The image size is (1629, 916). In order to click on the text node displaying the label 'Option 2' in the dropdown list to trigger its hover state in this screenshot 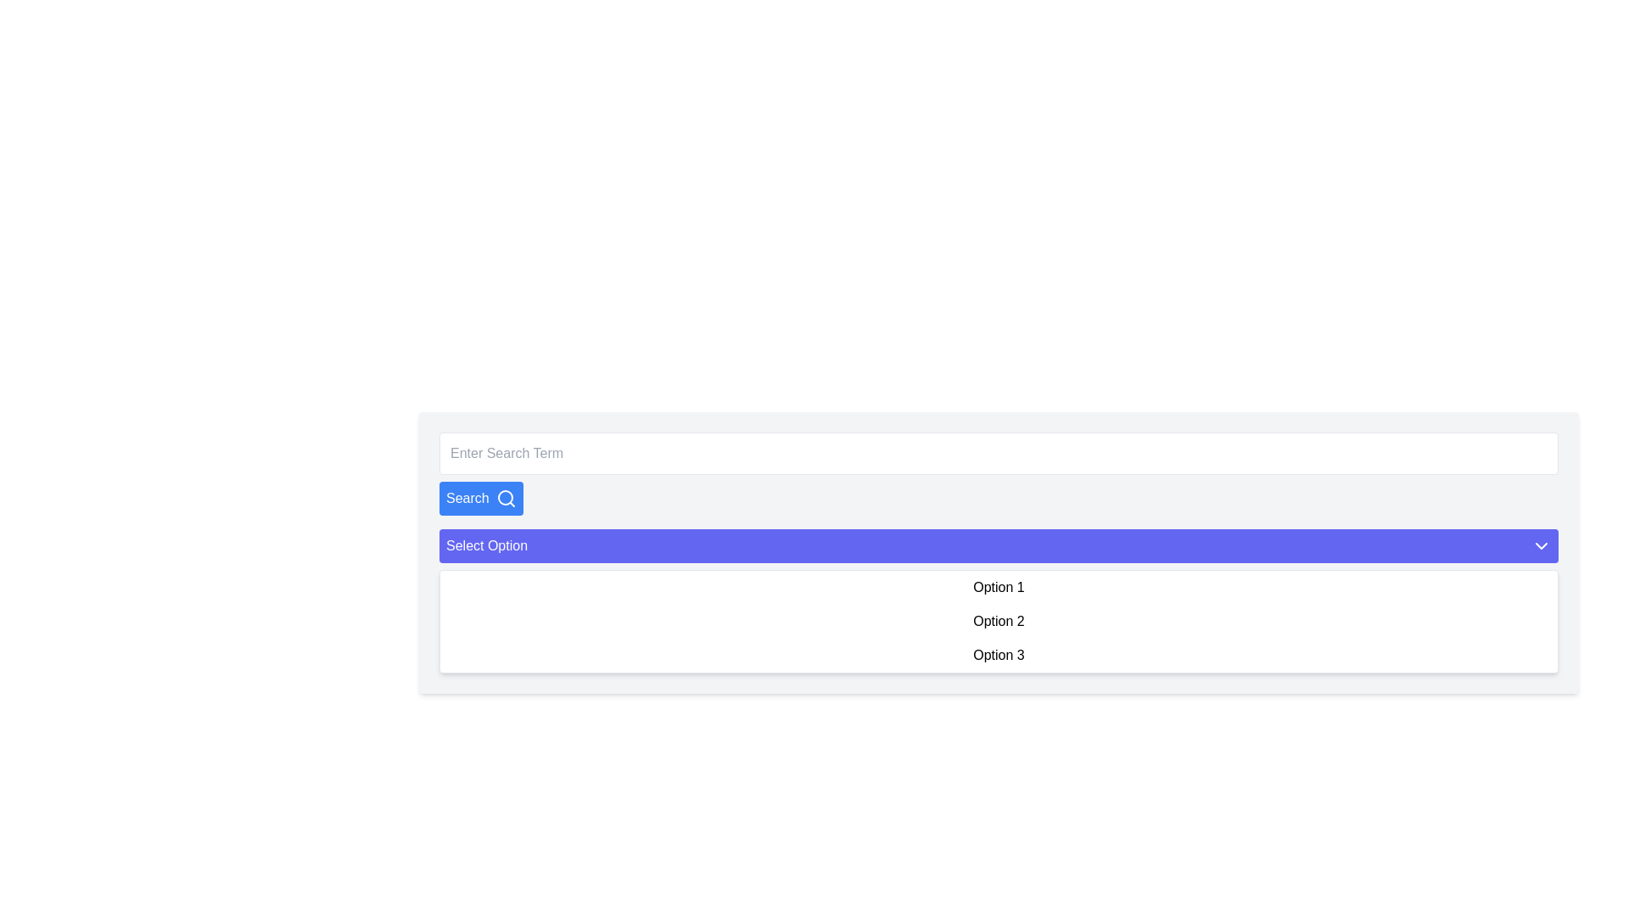, I will do `click(999, 621)`.